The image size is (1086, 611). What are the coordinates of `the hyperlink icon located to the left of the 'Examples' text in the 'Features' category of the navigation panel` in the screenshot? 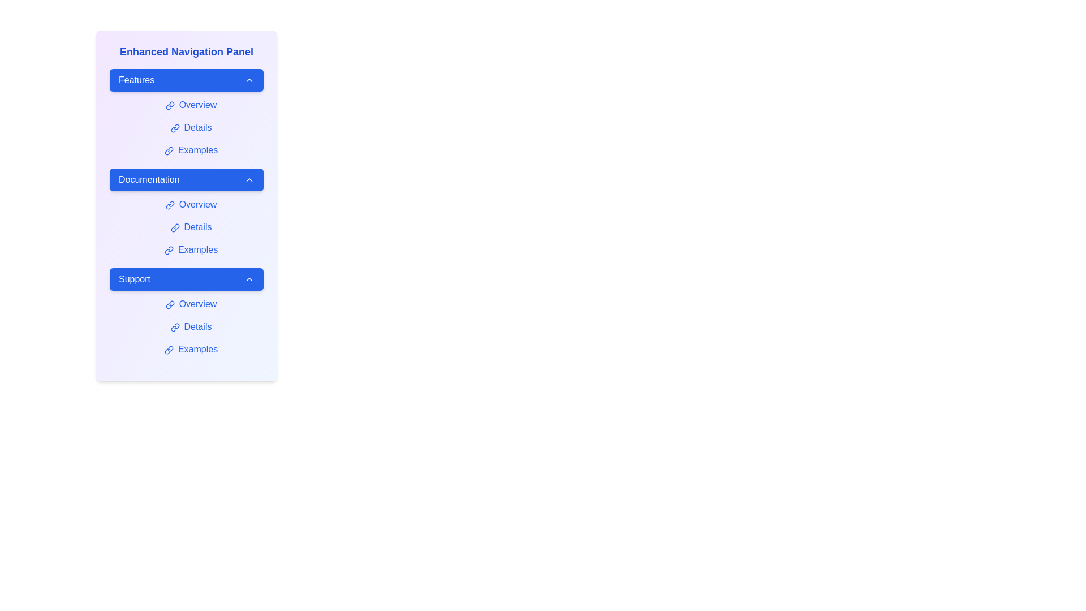 It's located at (168, 150).